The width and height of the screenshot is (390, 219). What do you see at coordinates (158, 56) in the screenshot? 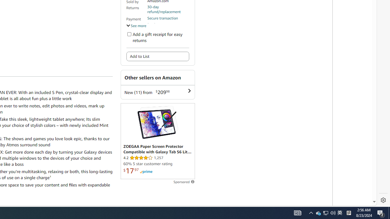
I see `'Add to List'` at bounding box center [158, 56].